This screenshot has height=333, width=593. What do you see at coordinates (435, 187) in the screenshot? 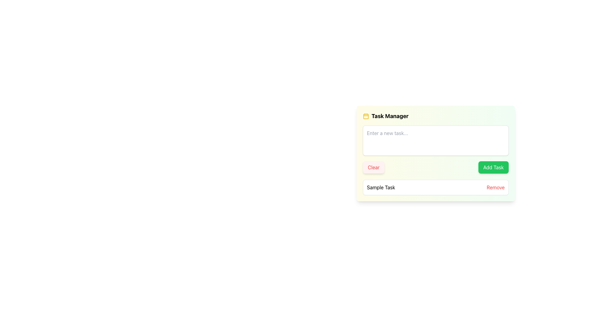
I see `the task entry element displaying 'Sample Task' with the action 'Remove' in the 'Task Manager' panel` at bounding box center [435, 187].